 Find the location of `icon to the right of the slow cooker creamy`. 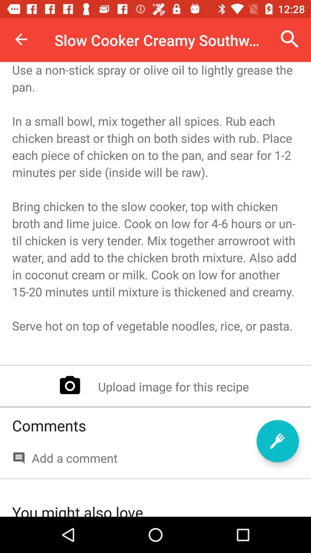

icon to the right of the slow cooker creamy is located at coordinates (290, 39).